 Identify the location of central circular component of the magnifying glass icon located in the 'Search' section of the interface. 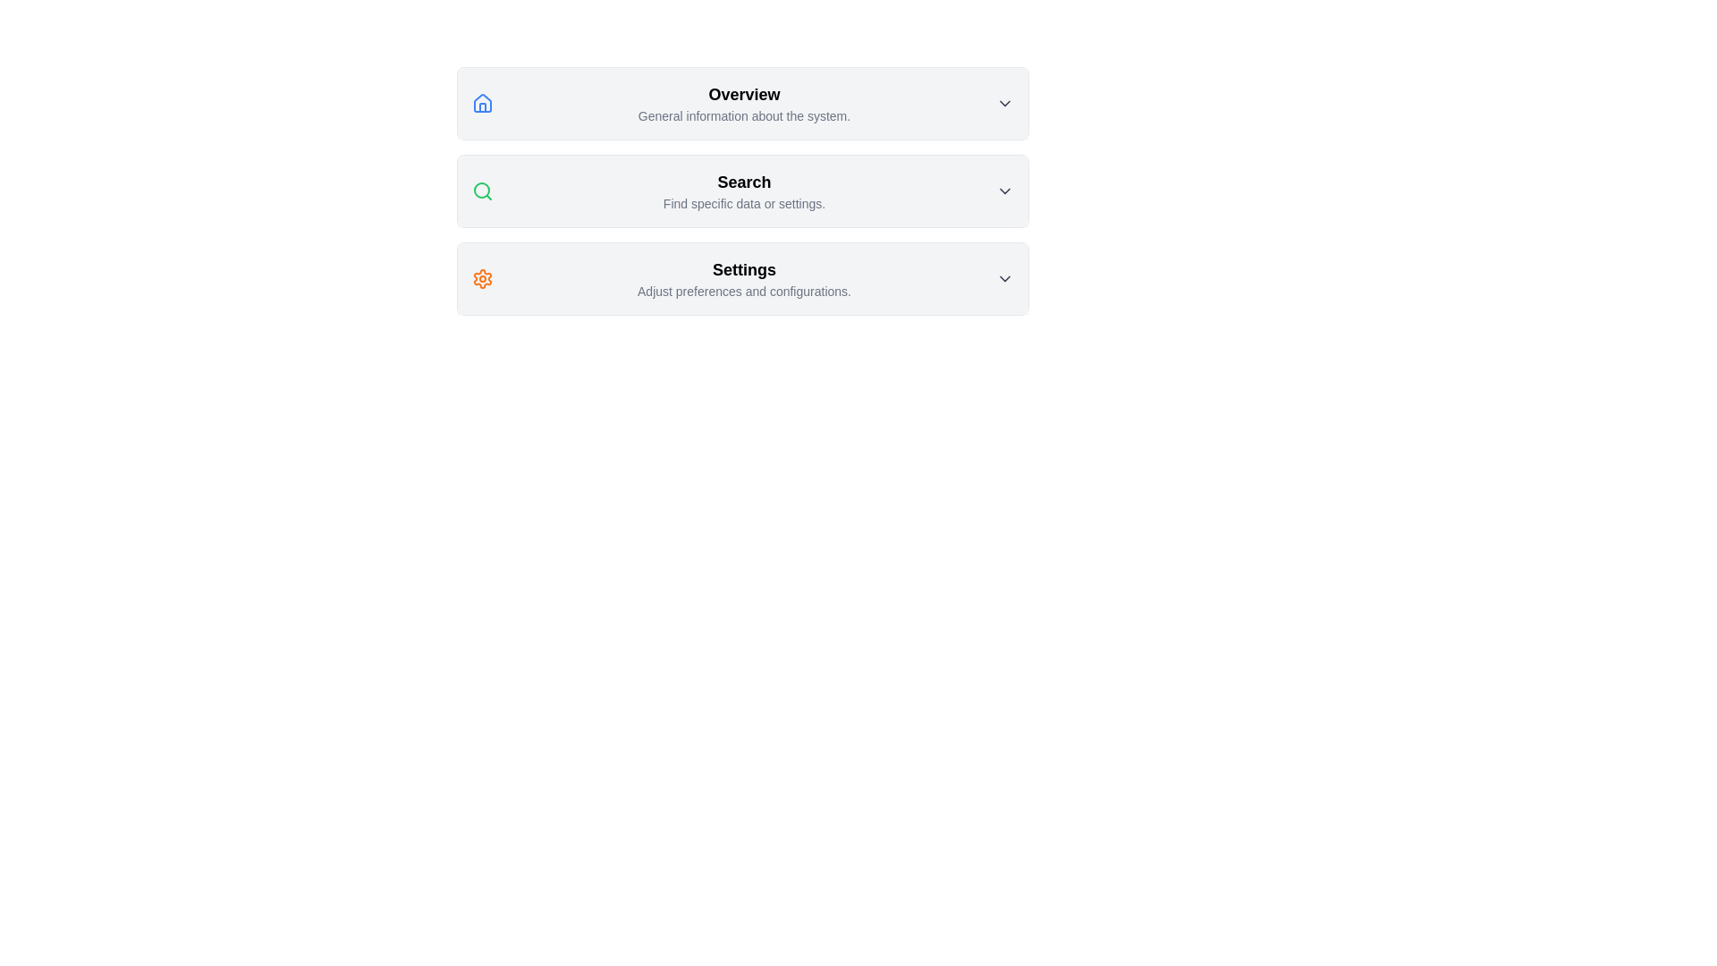
(481, 190).